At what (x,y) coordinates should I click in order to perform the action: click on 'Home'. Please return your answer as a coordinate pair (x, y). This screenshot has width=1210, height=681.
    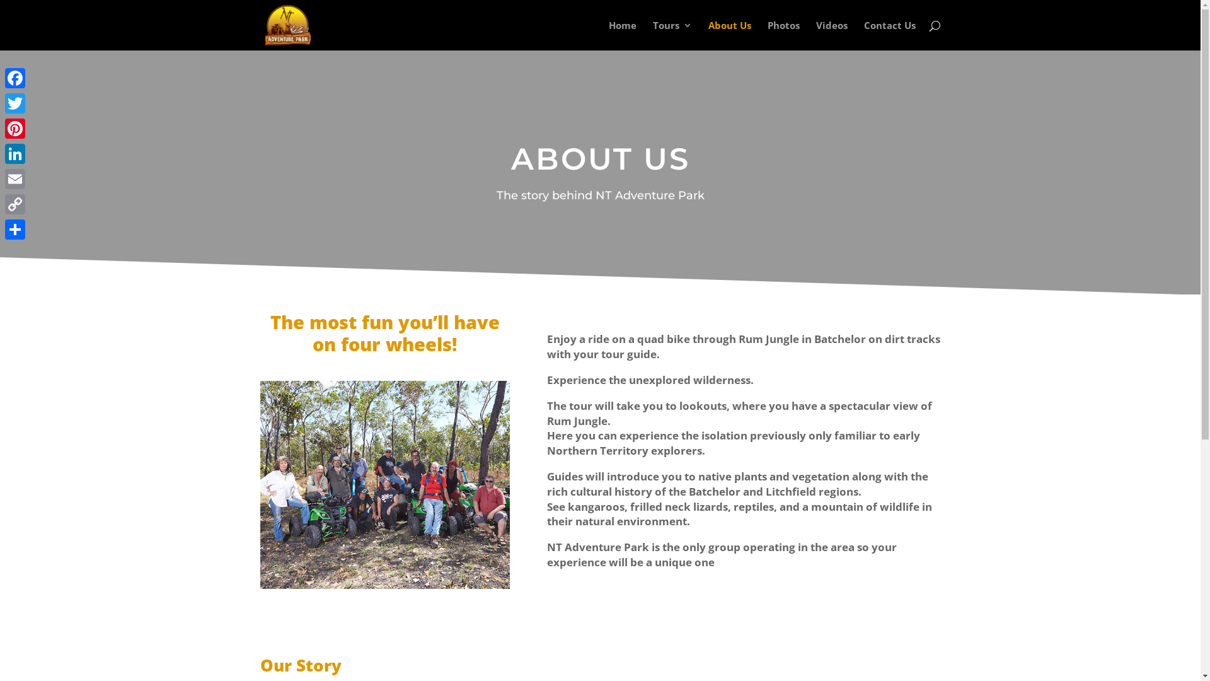
    Looking at the image, I should click on (623, 35).